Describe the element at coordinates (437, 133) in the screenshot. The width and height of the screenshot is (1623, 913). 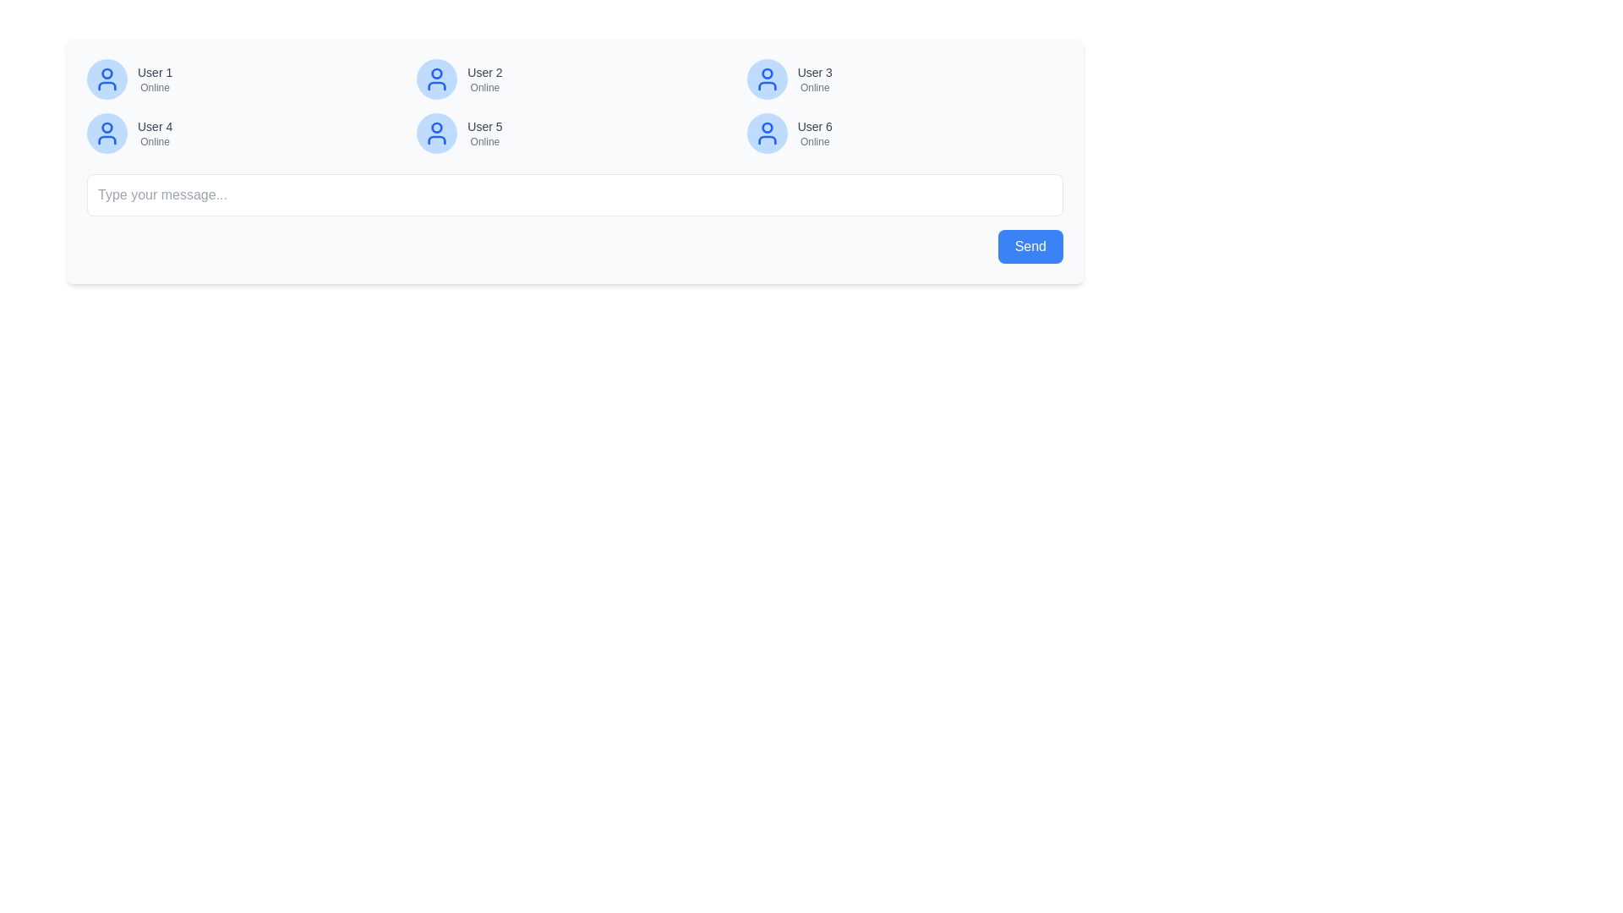
I see `the User Icon, which is a circular icon with a light blue background and a user-shaped silhouette in blue, positioned to the left of 'User 5' and 'Online' in the second row of user entries` at that location.